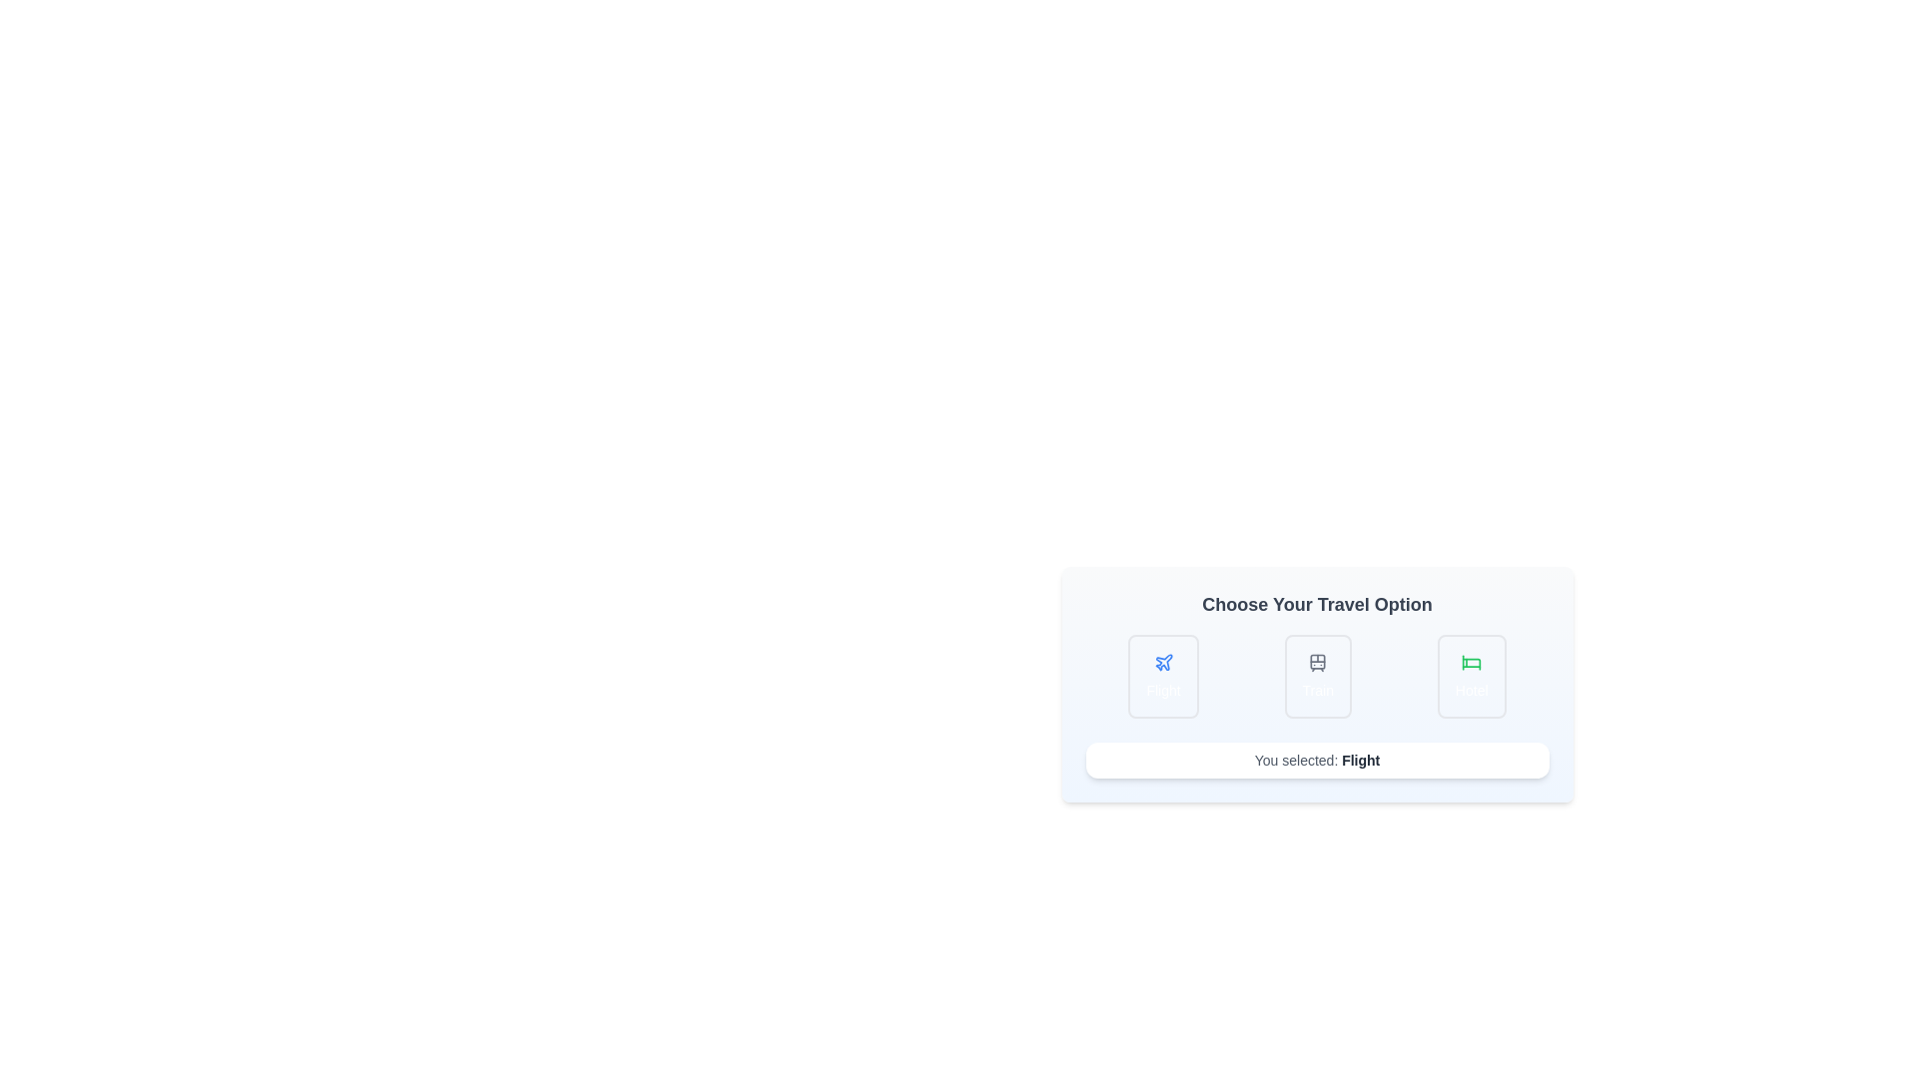 This screenshot has width=1917, height=1078. Describe the element at coordinates (1472, 662) in the screenshot. I see `the green bed icon representing hotel accommodations, located within the 'Hotel' box at the bottom center of the interface` at that location.